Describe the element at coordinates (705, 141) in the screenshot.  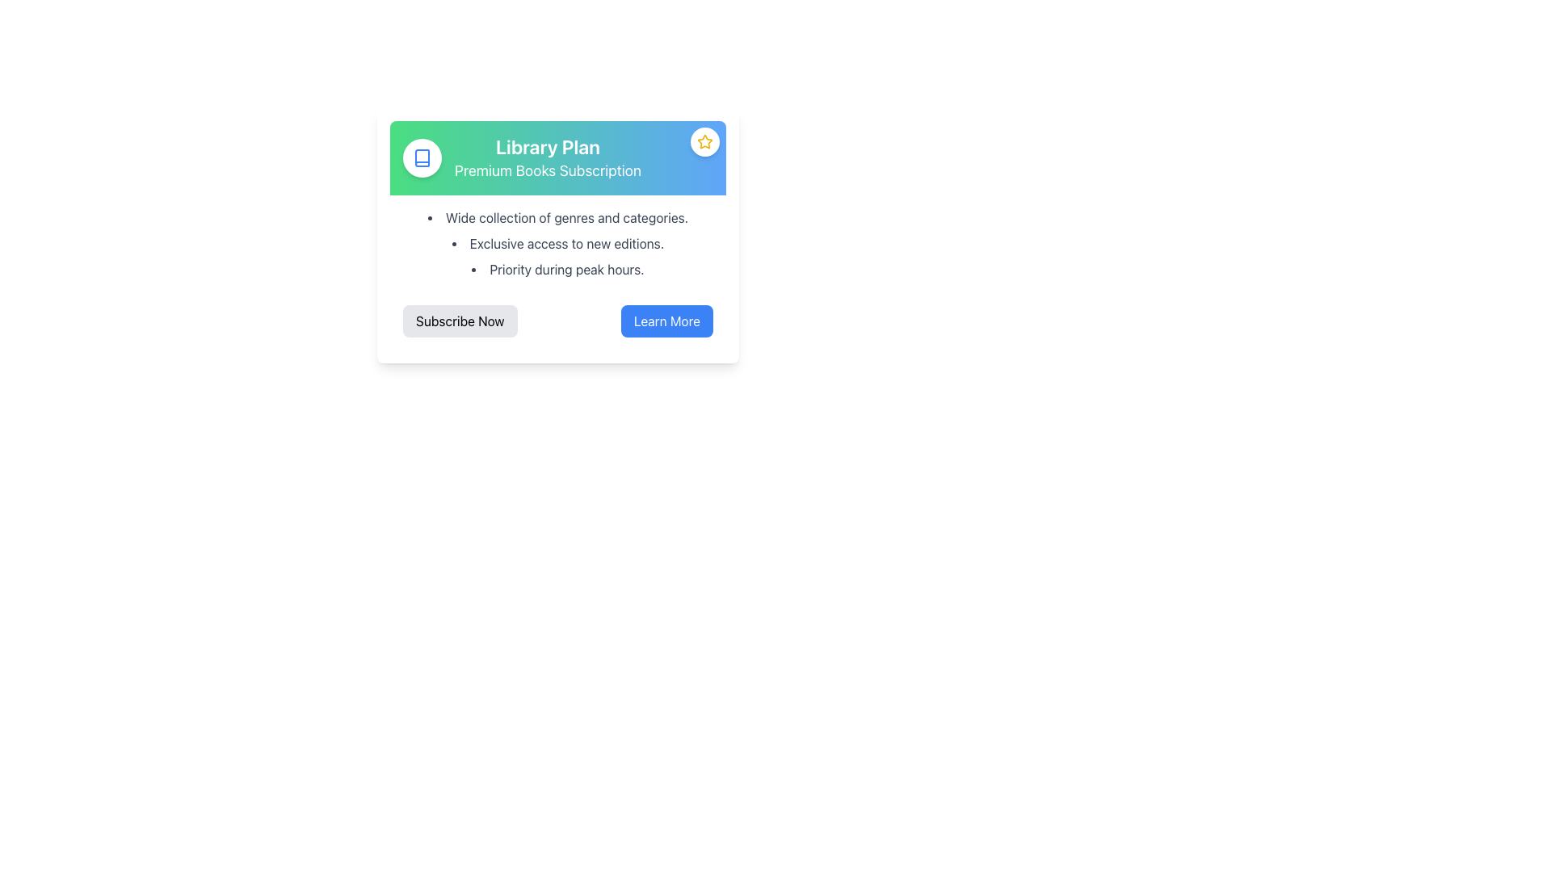
I see `the circular button with a yellow star icon located at the top-right corner of the 'Library Plan' card` at that location.